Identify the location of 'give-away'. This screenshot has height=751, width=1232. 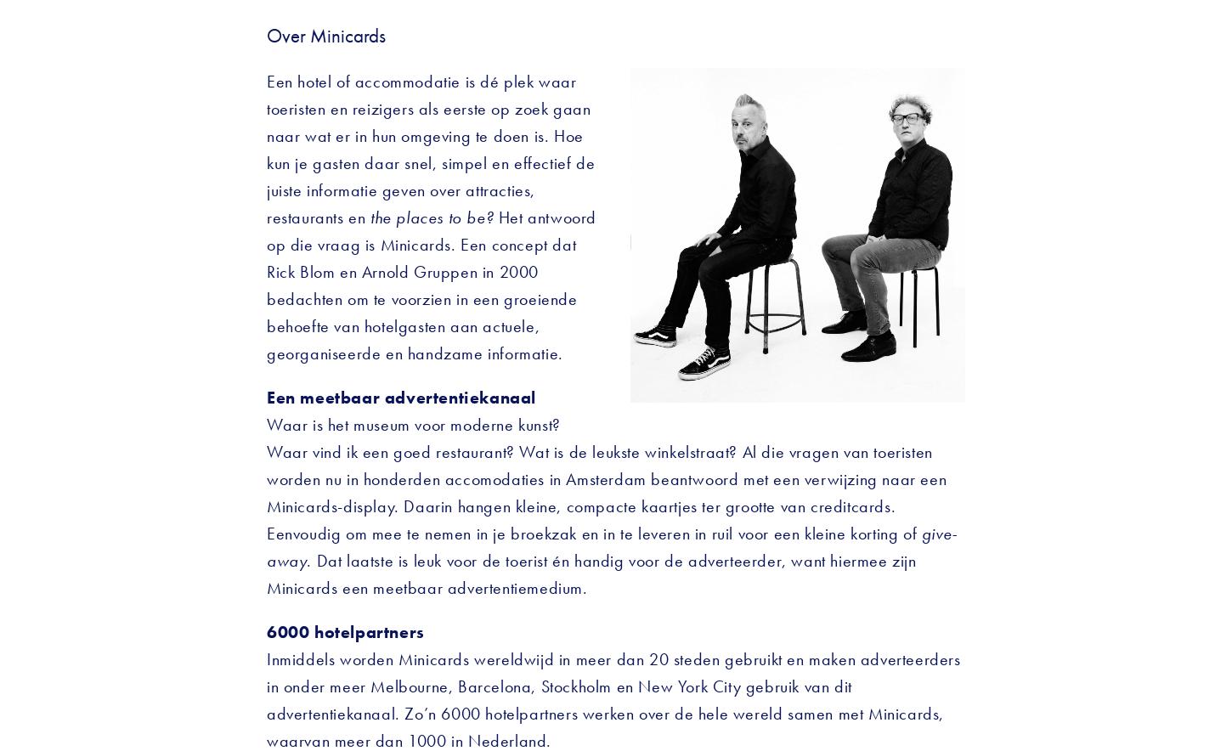
(267, 545).